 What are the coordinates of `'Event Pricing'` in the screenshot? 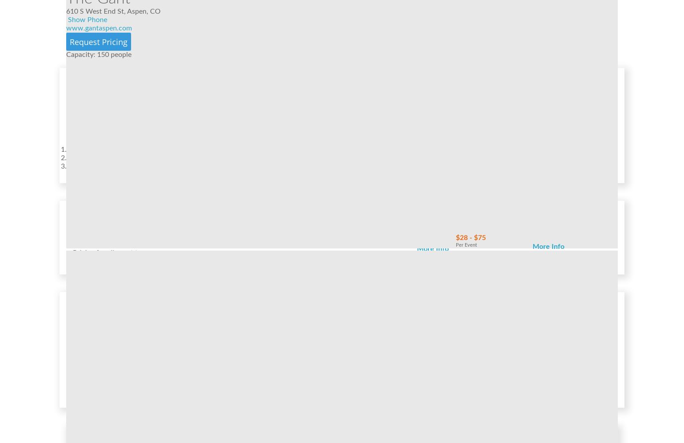 It's located at (98, 218).